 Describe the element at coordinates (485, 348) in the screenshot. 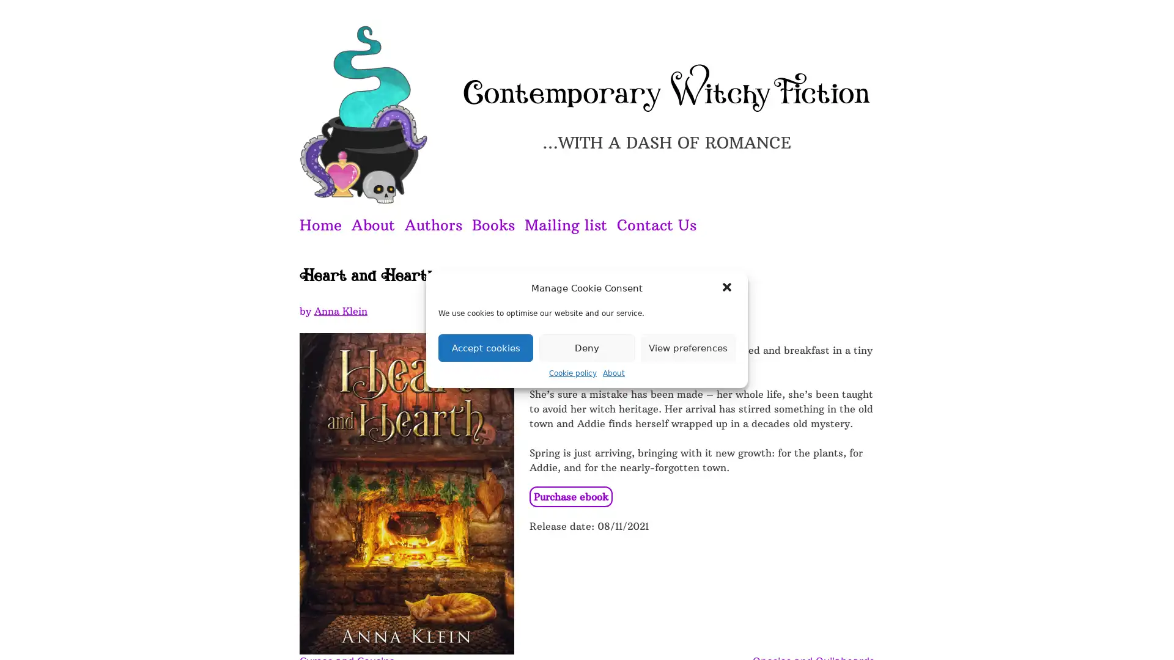

I see `Accept cookies` at that location.